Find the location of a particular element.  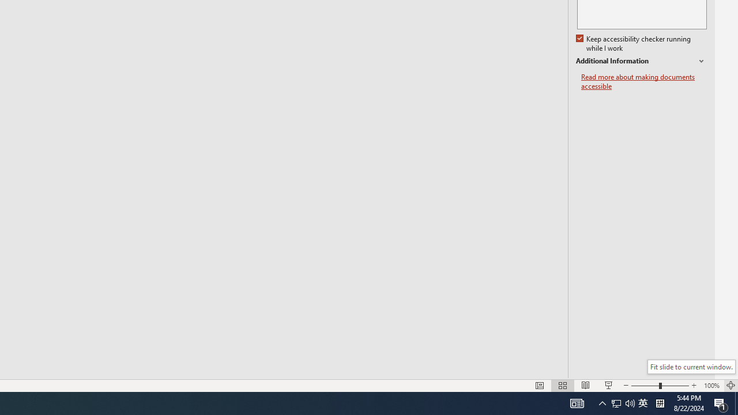

'Zoom In' is located at coordinates (694, 386).